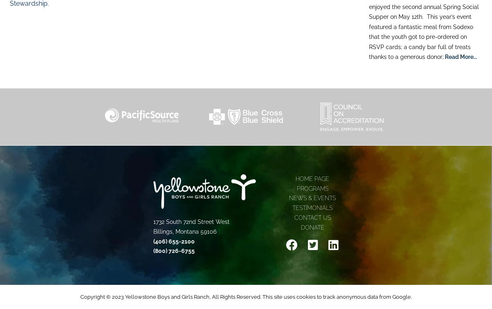 This screenshot has height=309, width=492. Describe the element at coordinates (246, 296) in the screenshot. I see `'Copyright © 
    2023    Yellowstone Boys and Girls Ranch, All Rights Reserved.  This site uses cookies to track anonymous data from Google.'` at that location.